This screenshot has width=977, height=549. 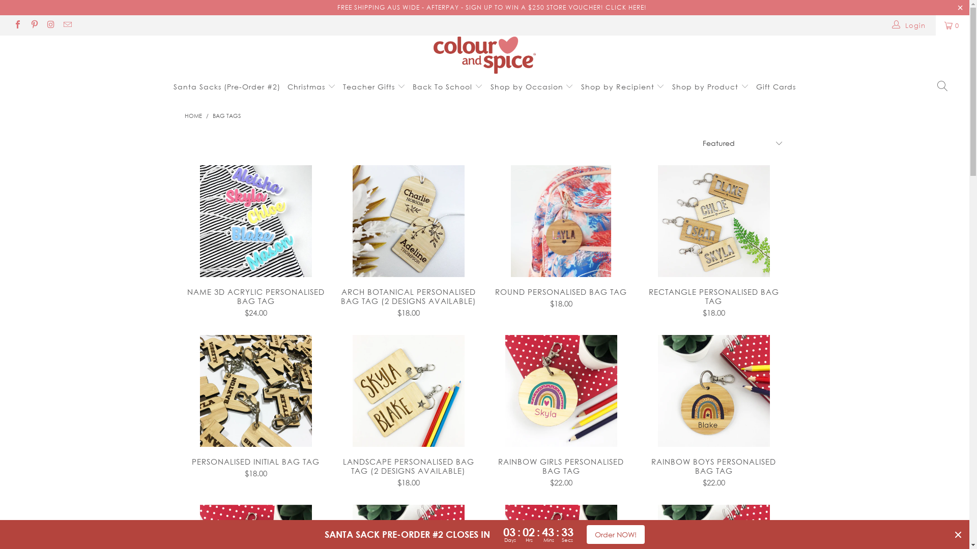 I want to click on 'Colour and Spice Pty Ltd on Pinterest', so click(x=34, y=25).